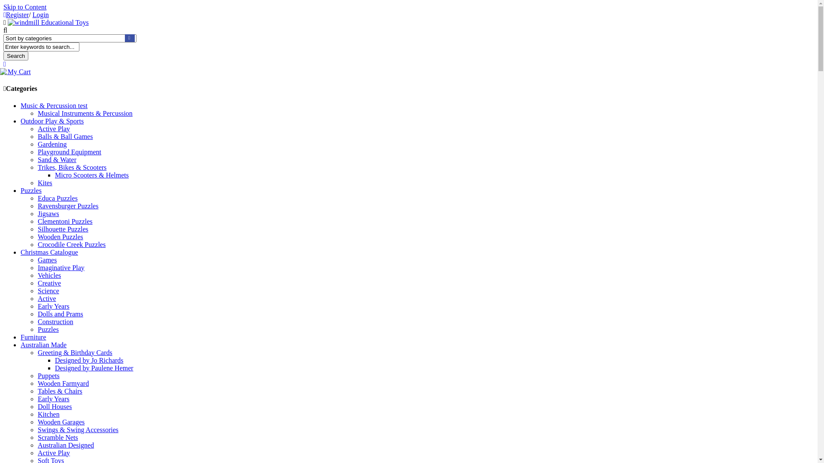  What do you see at coordinates (43, 344) in the screenshot?
I see `'Australian Made'` at bounding box center [43, 344].